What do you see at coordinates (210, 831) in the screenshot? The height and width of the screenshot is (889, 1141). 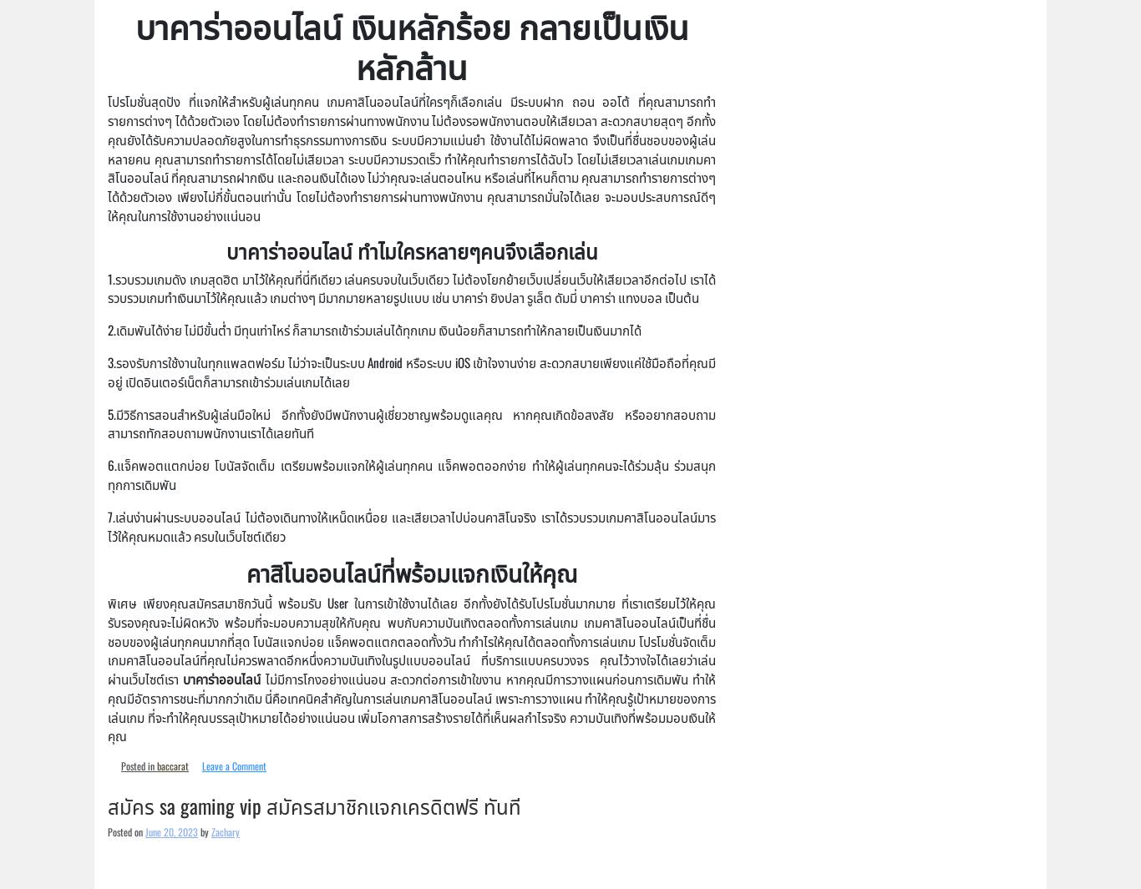 I see `'Zachary'` at bounding box center [210, 831].